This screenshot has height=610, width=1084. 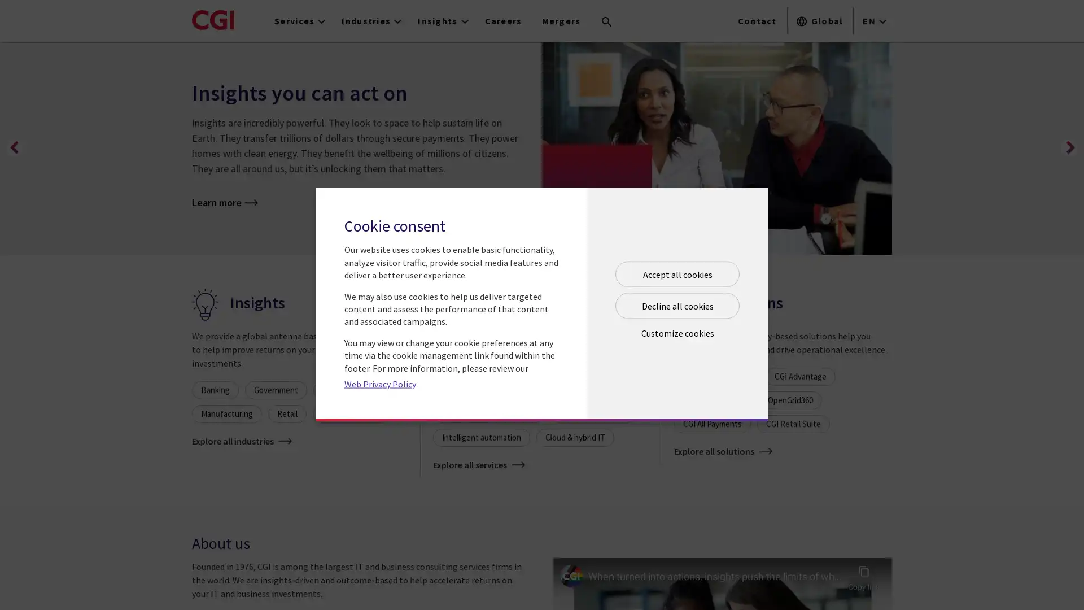 What do you see at coordinates (14, 147) in the screenshot?
I see `Previous` at bounding box center [14, 147].